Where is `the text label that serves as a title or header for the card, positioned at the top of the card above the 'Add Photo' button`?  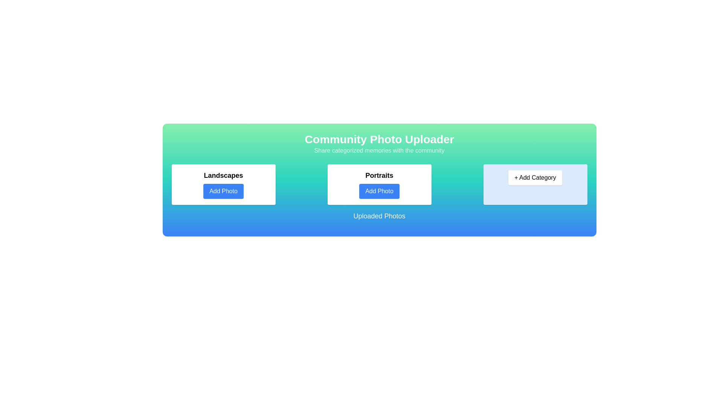
the text label that serves as a title or header for the card, positioned at the top of the card above the 'Add Photo' button is located at coordinates (379, 175).